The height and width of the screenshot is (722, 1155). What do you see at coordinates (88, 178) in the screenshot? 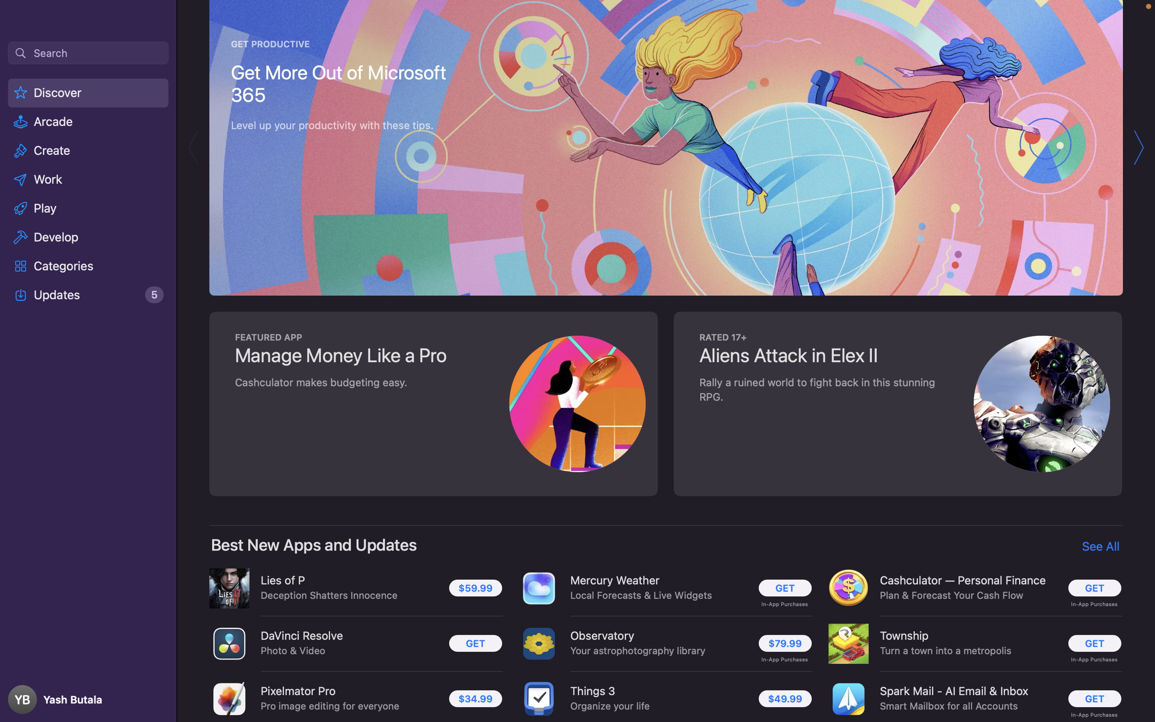
I see `the "Work" category` at bounding box center [88, 178].